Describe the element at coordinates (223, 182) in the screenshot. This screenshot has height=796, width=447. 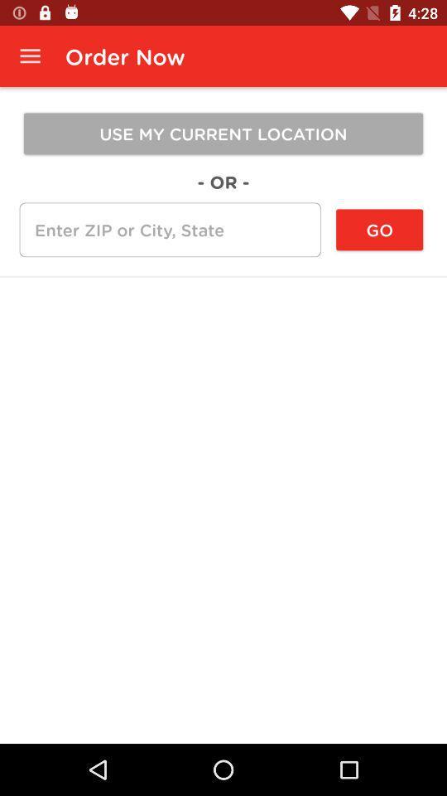
I see `icon below use my current icon` at that location.